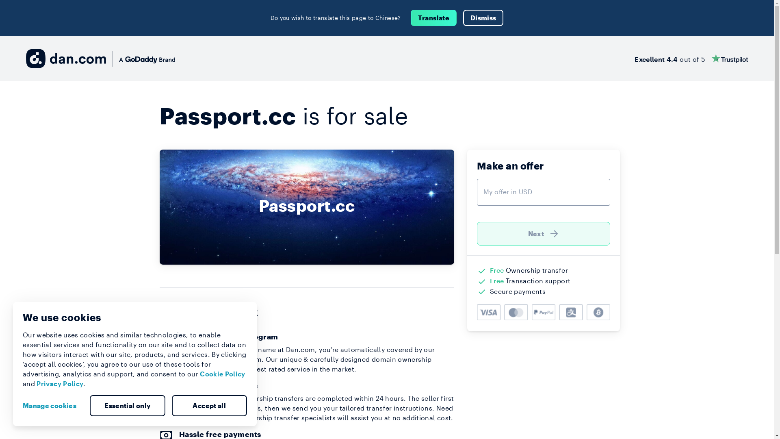 The image size is (780, 439). What do you see at coordinates (59, 383) in the screenshot?
I see `'Privacy Policy'` at bounding box center [59, 383].